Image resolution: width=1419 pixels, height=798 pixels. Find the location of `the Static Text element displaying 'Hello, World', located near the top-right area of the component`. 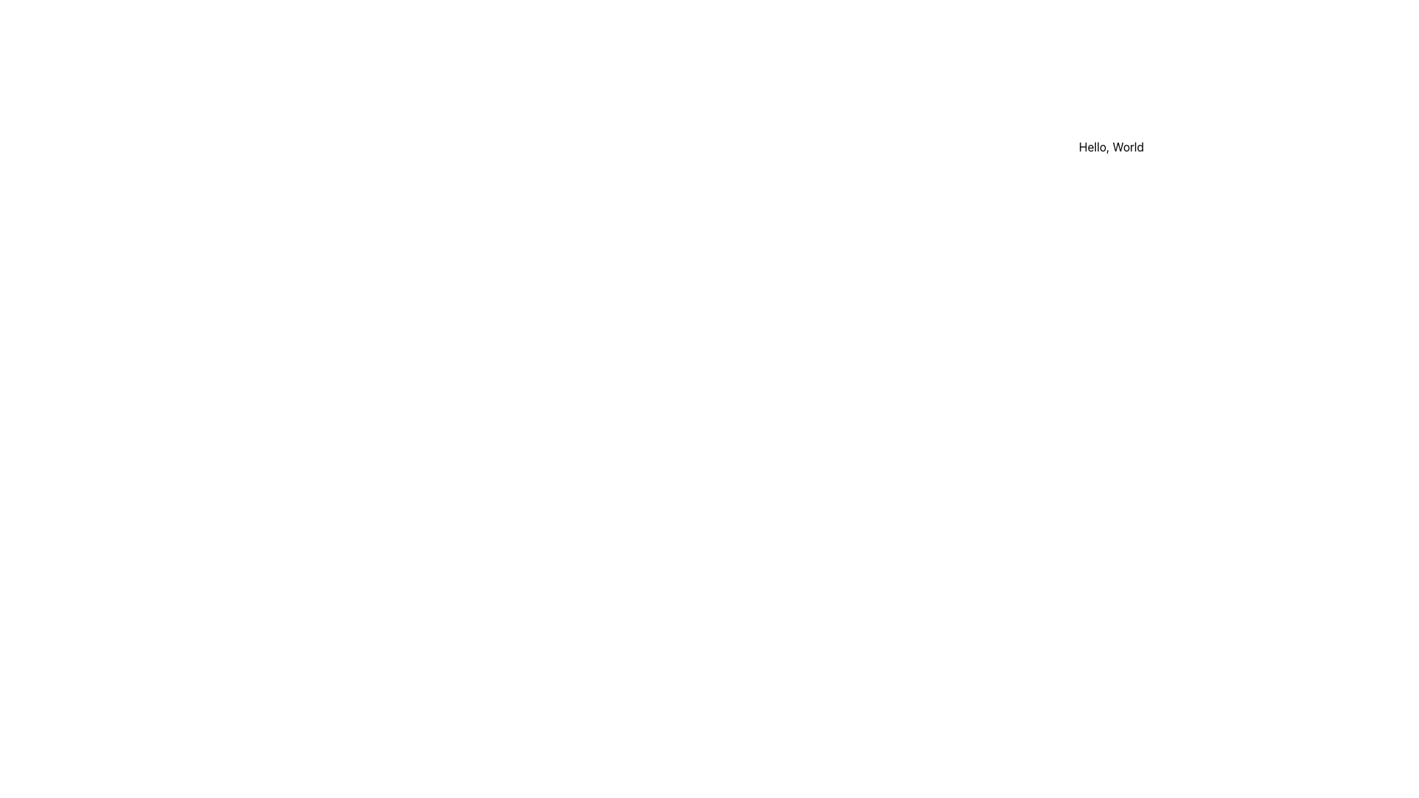

the Static Text element displaying 'Hello, World', located near the top-right area of the component is located at coordinates (1111, 147).